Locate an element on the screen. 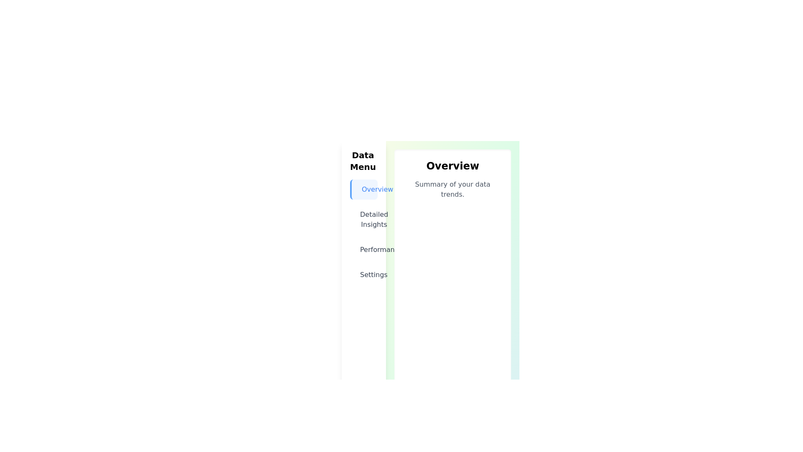  the menu item labeled Settings is located at coordinates (364, 275).